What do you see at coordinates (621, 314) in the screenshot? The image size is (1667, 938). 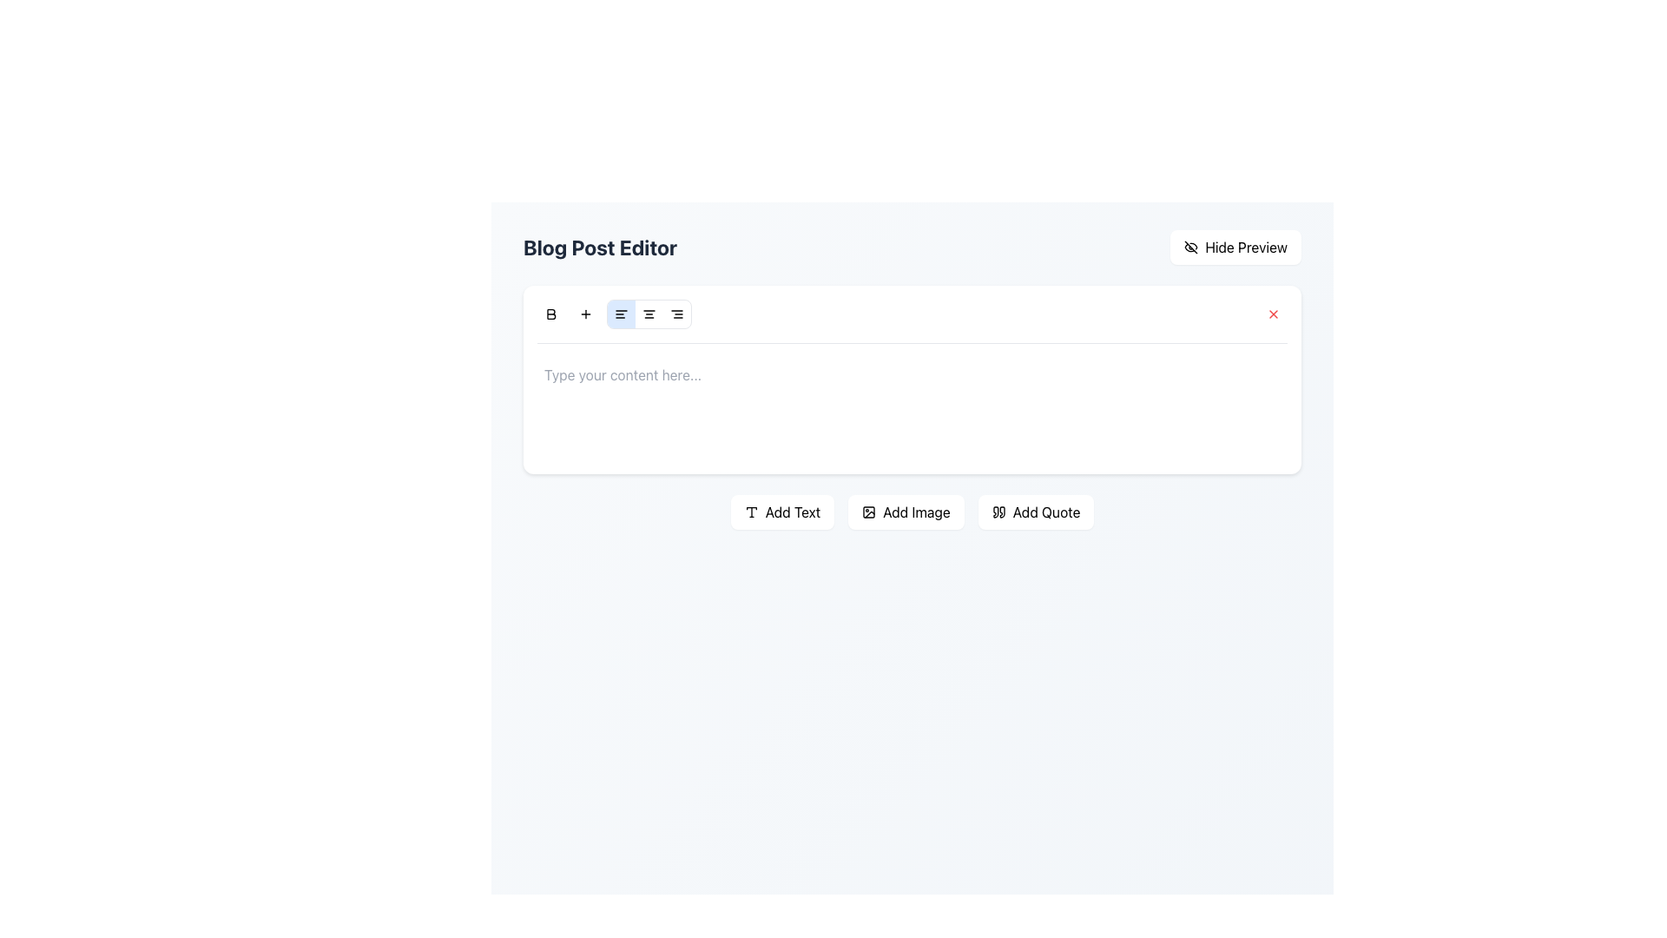 I see `the left alignment button, which is the third icon from the left in the horizontal toolbar above the text input area, to apply left alignment to the selected text or paragraph` at bounding box center [621, 314].